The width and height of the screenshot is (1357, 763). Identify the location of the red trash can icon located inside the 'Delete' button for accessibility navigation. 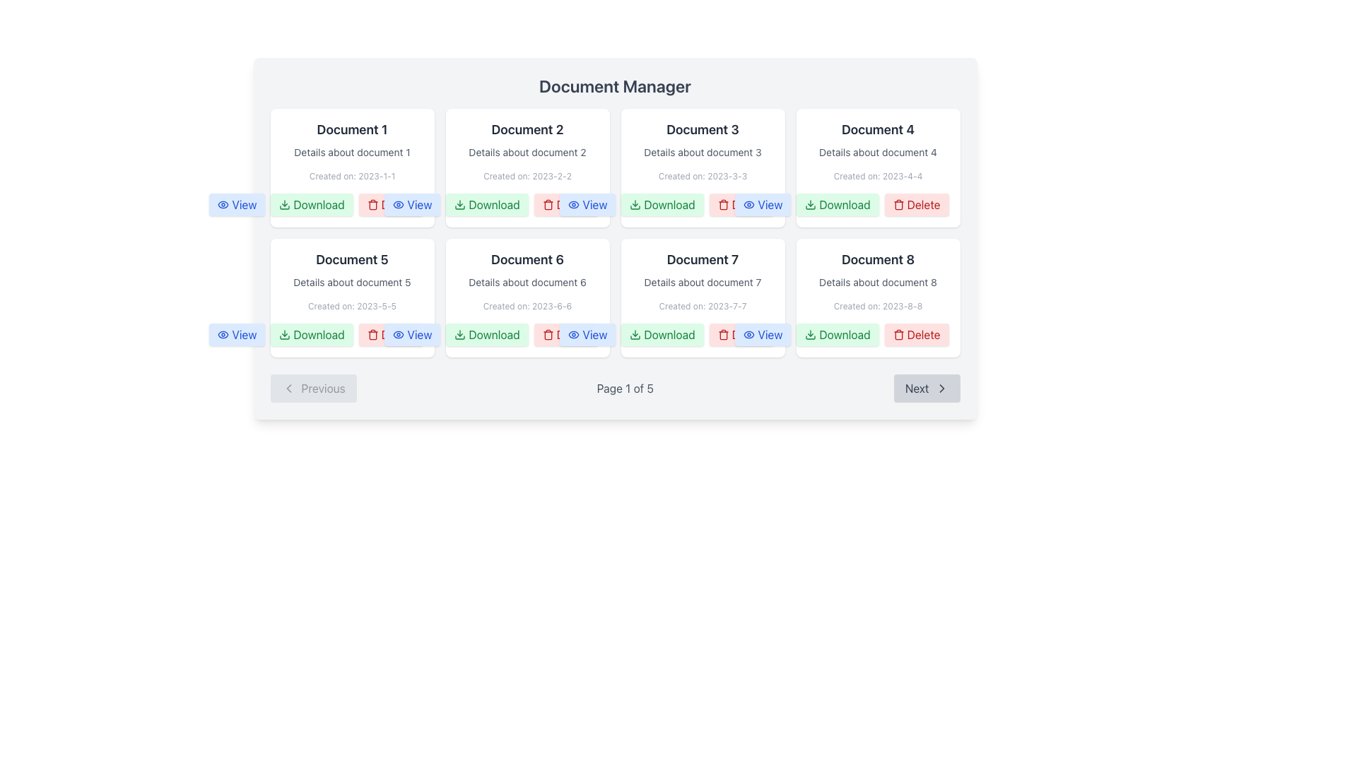
(723, 335).